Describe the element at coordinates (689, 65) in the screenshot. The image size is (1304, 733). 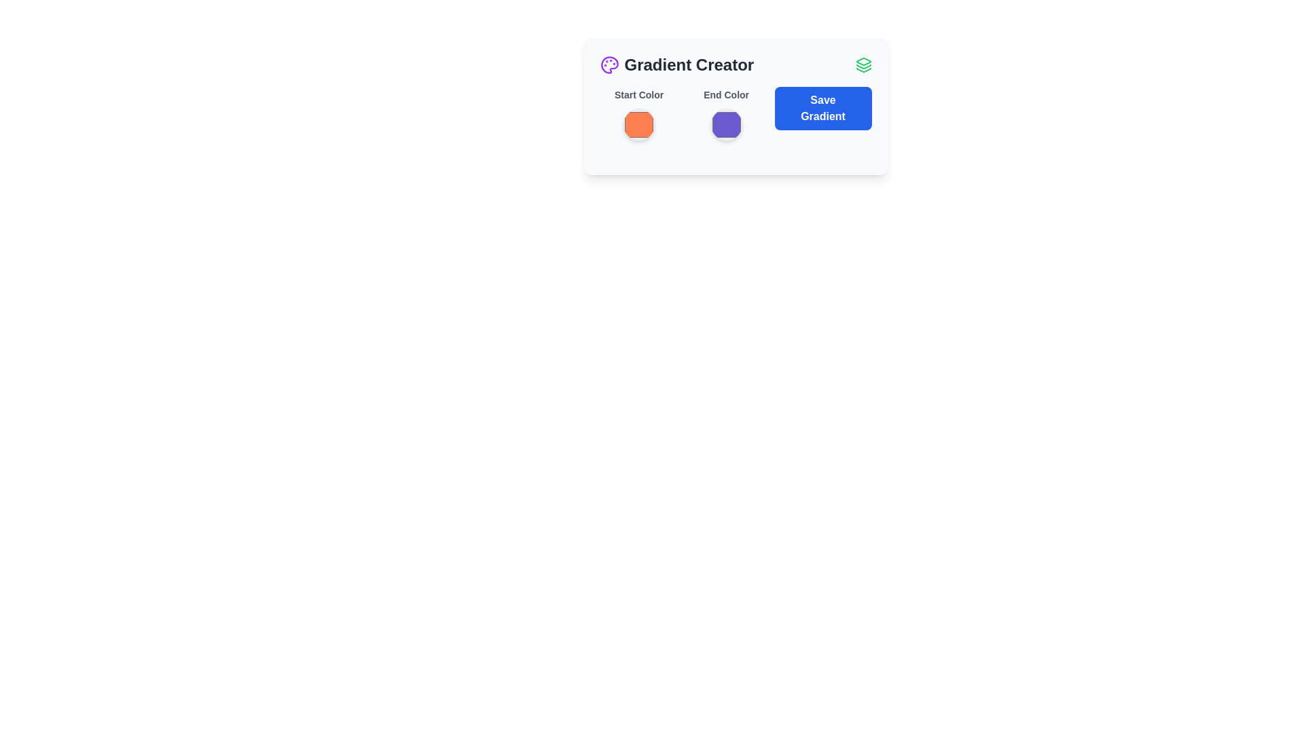
I see `the header text that identifies the gradient creator interface, positioned to the right of a palette icon` at that location.